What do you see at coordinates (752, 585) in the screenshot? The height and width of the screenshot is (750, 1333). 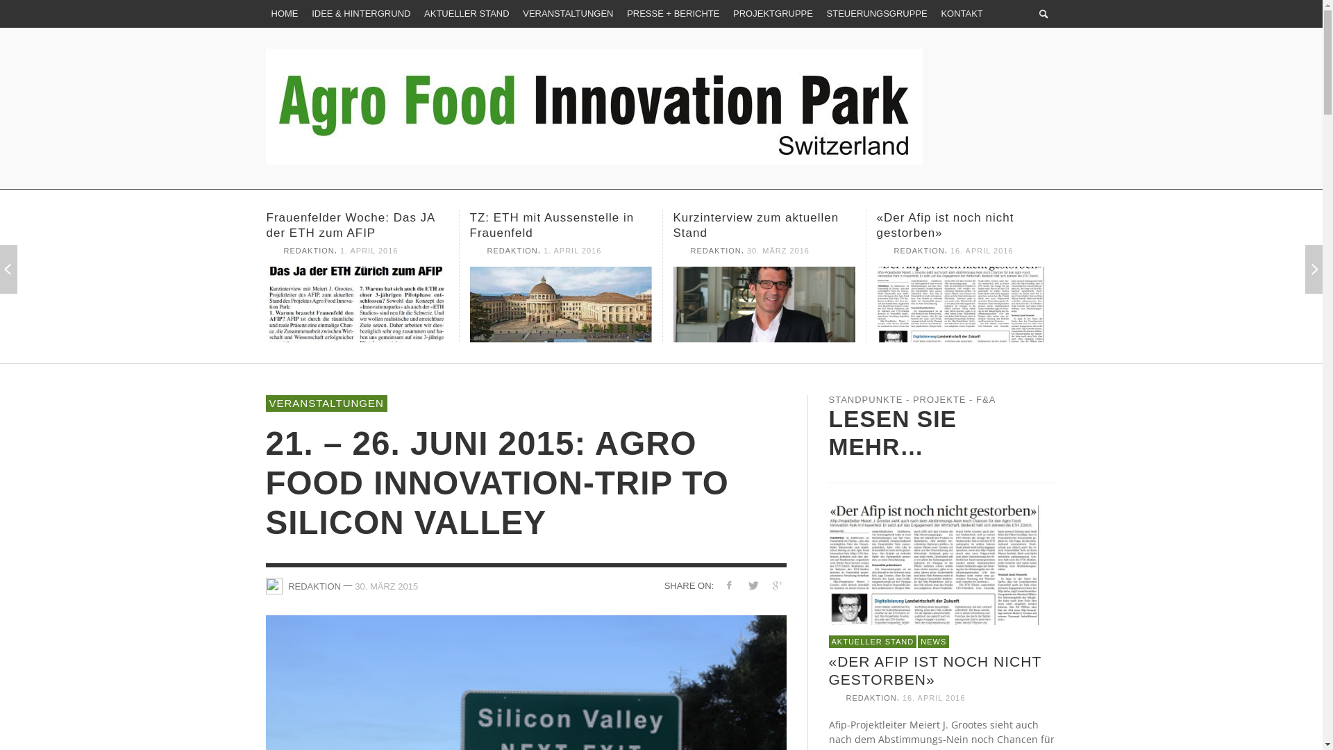 I see `'Share on Twitter'` at bounding box center [752, 585].